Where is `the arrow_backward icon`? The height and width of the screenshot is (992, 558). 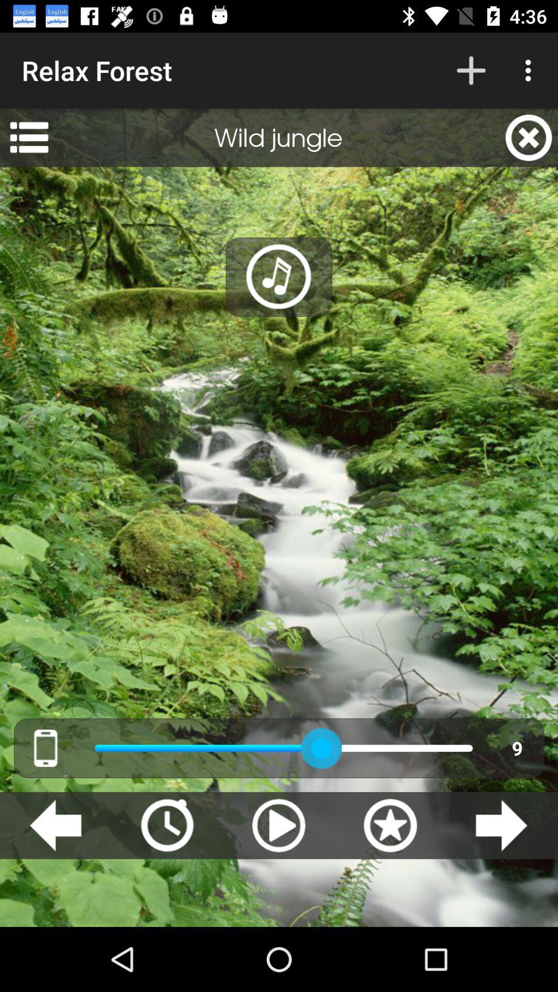
the arrow_backward icon is located at coordinates (55, 825).